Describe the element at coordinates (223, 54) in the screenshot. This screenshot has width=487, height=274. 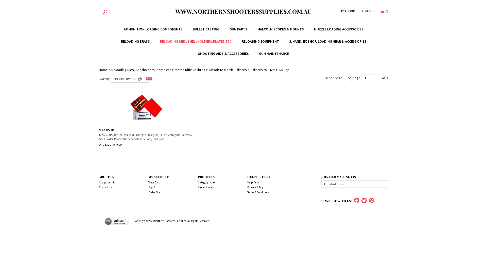
I see `'SHOOTING AIDS & ACCESSORIES'` at that location.